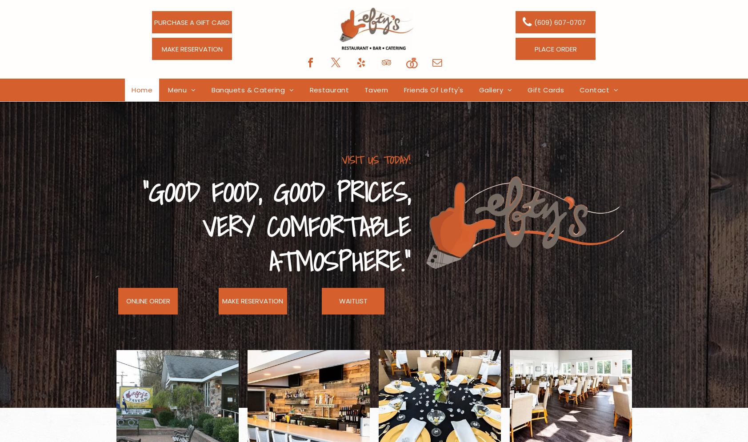 This screenshot has height=442, width=748. What do you see at coordinates (376, 89) in the screenshot?
I see `'Tavern'` at bounding box center [376, 89].